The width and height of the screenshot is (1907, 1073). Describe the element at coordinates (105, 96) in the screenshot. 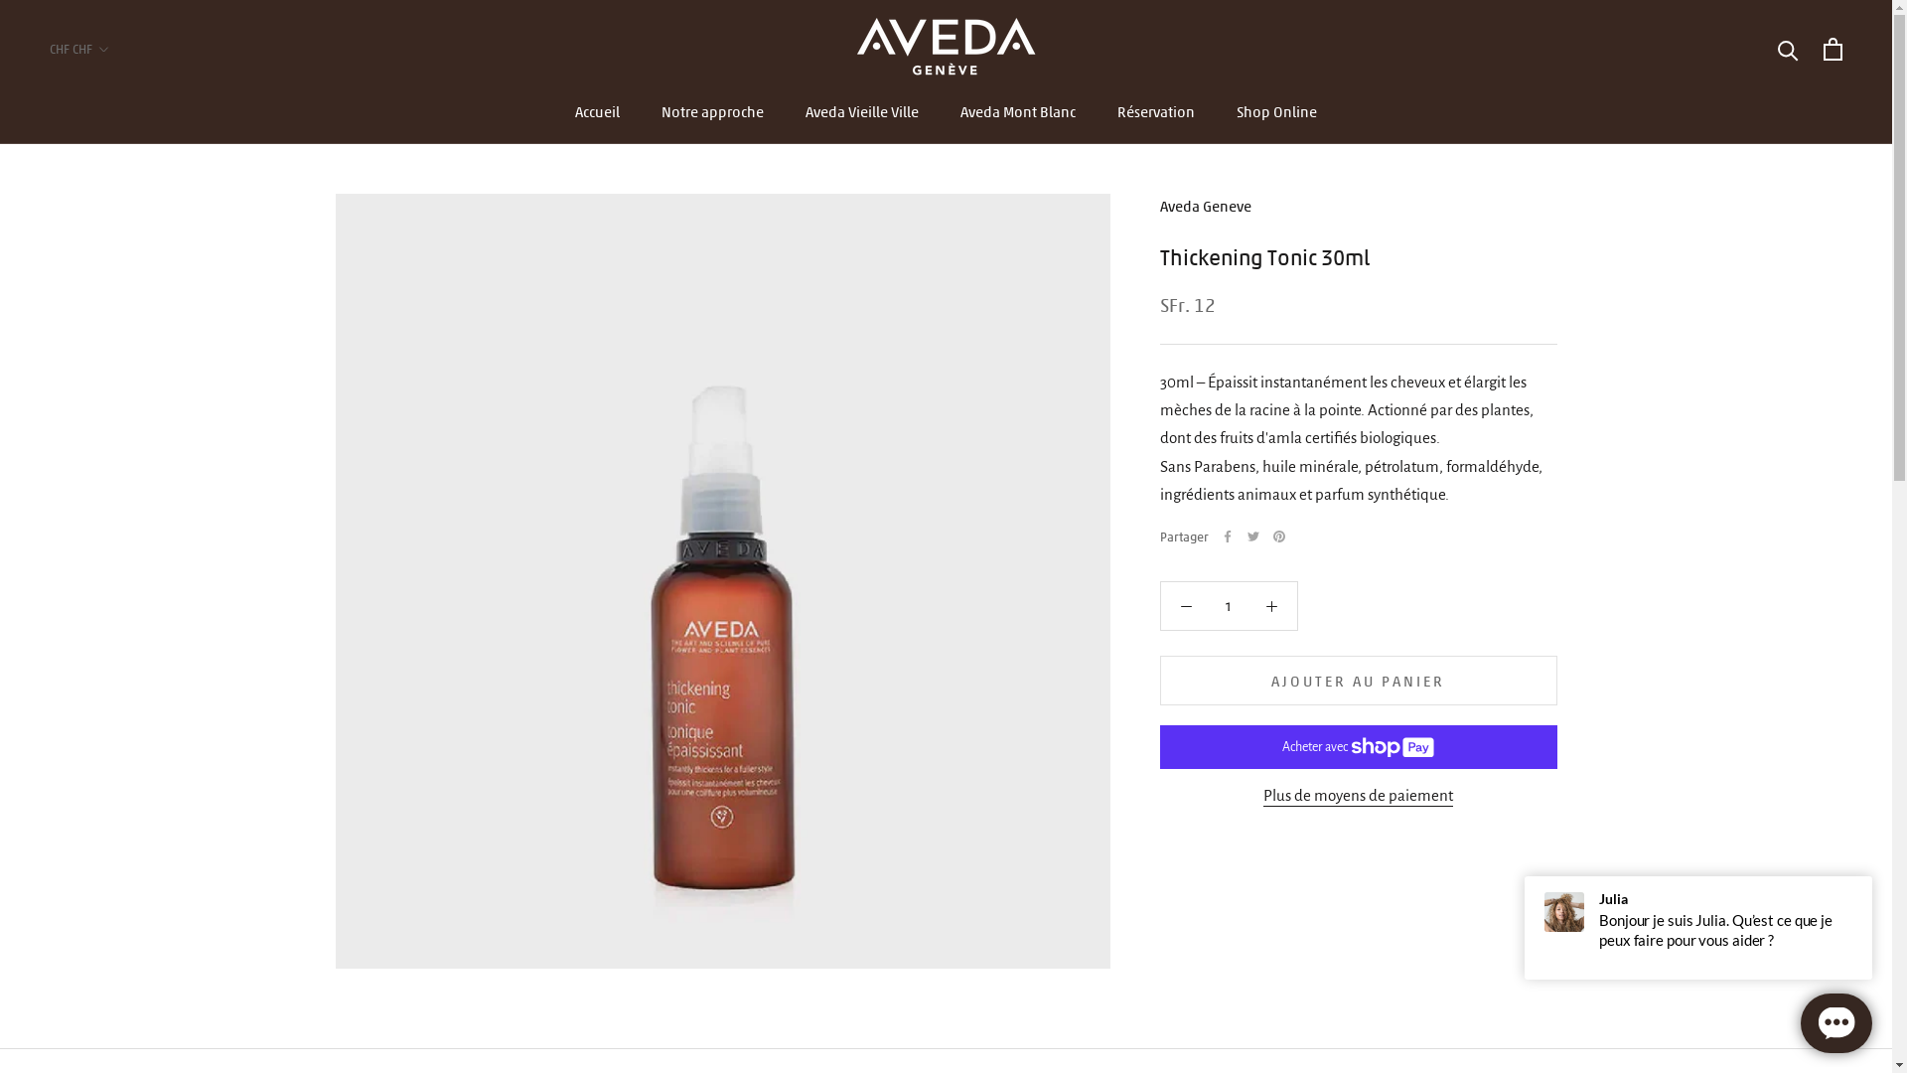

I see `'AED'` at that location.